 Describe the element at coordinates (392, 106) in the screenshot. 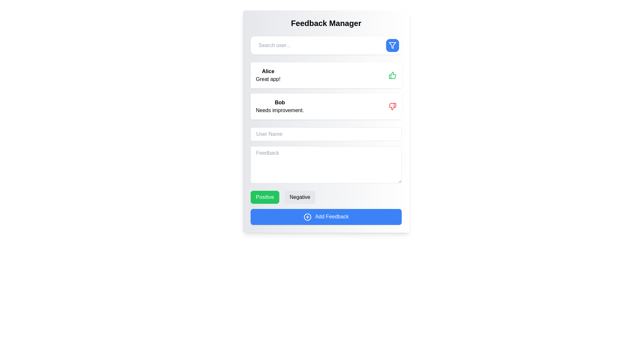

I see `the red thumbs-down icon located to the right of the user feedback labeled 'Bob Needs improvement.' in the second row of the feedback list` at that location.